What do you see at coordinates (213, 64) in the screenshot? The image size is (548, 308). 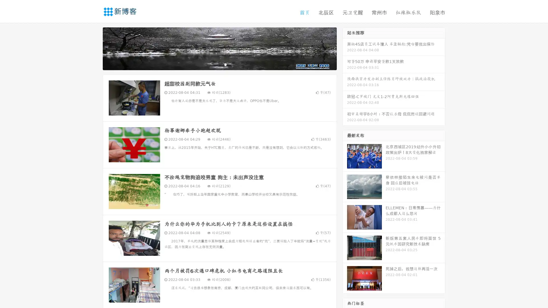 I see `Go to slide 1` at bounding box center [213, 64].